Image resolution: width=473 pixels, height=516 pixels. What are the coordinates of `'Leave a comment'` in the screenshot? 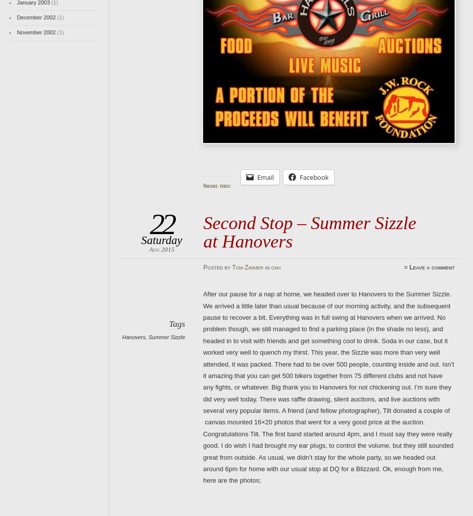 It's located at (409, 267).